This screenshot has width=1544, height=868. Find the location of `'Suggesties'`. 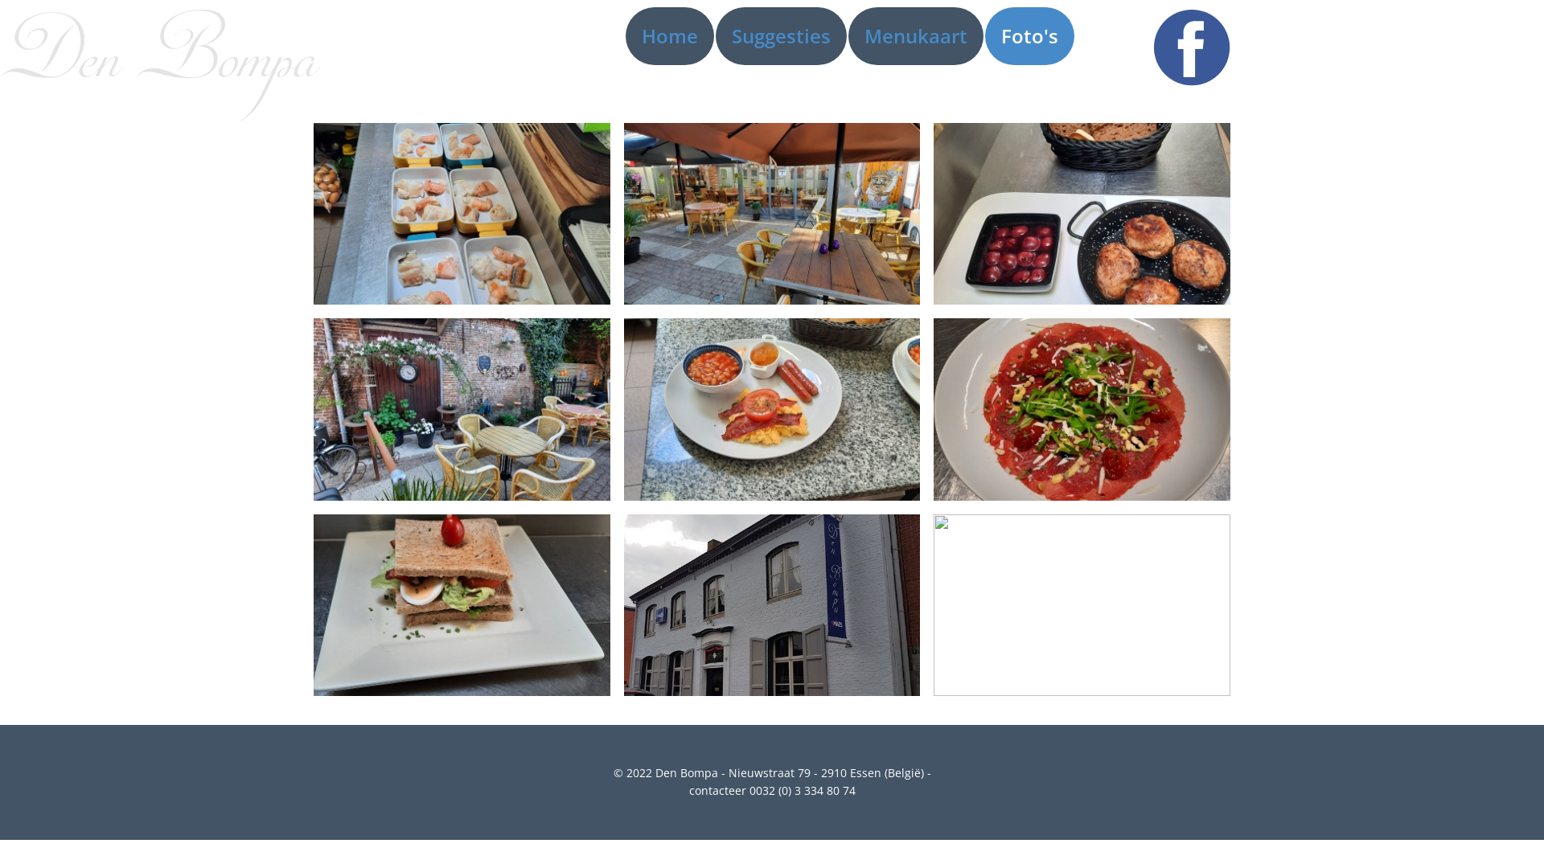

'Suggesties' is located at coordinates (714, 36).